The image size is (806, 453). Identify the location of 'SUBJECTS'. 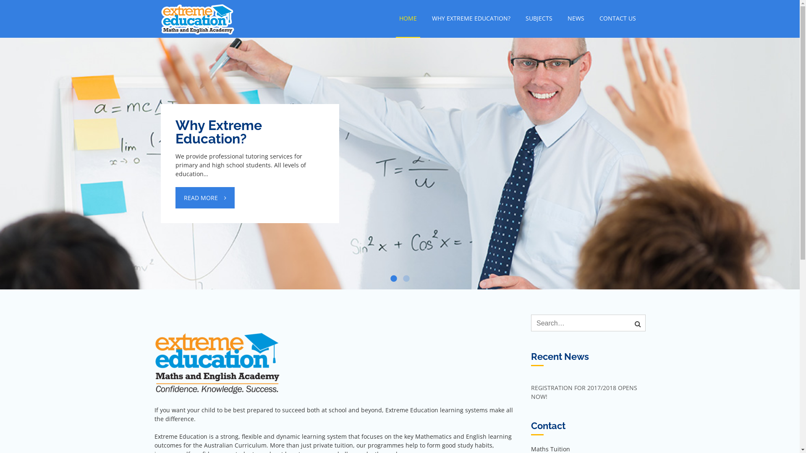
(539, 18).